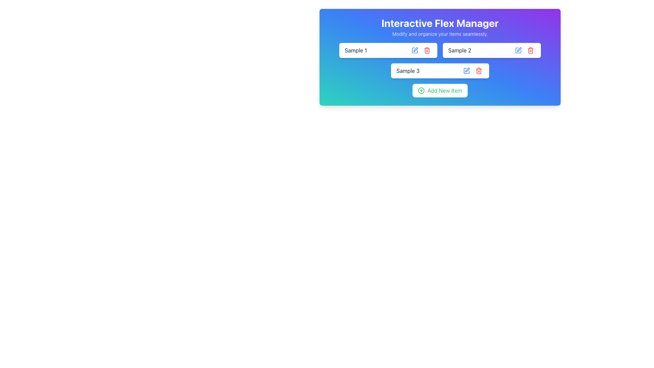 This screenshot has width=654, height=368. Describe the element at coordinates (415, 50) in the screenshot. I see `the SVG icon with a pen-over-square design located at the top-right of the 'Sample 1' text input field` at that location.